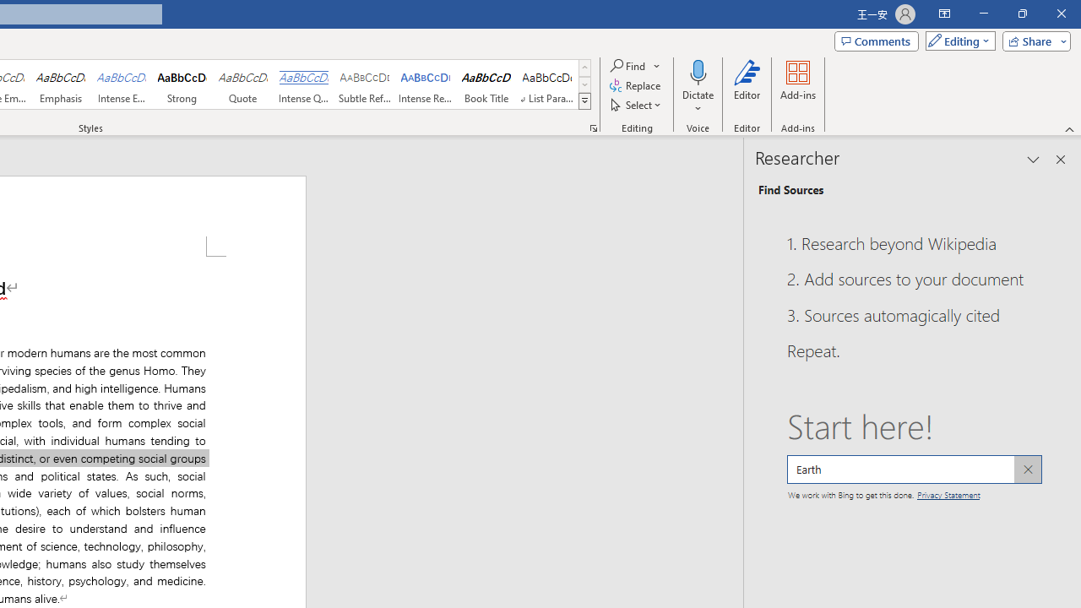 This screenshot has height=608, width=1081. Describe the element at coordinates (635, 65) in the screenshot. I see `'Find'` at that location.